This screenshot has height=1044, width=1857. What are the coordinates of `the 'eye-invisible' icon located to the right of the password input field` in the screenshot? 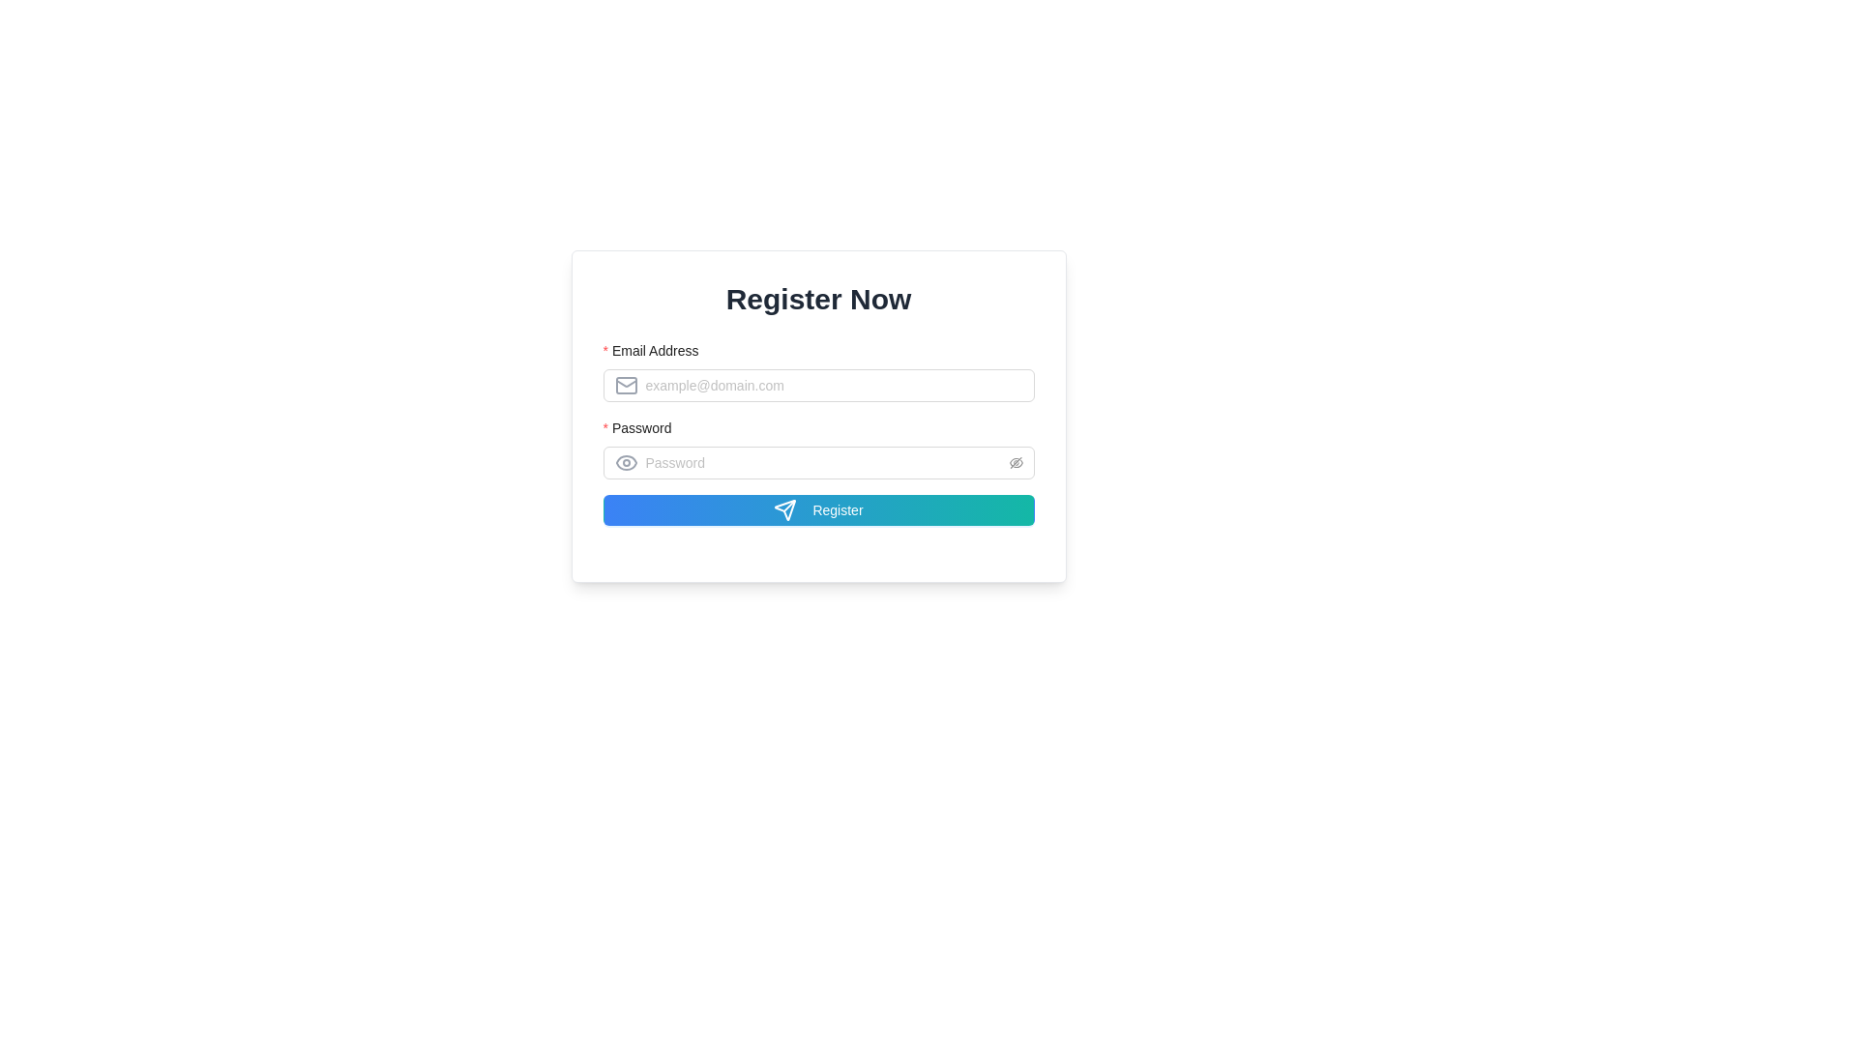 It's located at (1015, 462).